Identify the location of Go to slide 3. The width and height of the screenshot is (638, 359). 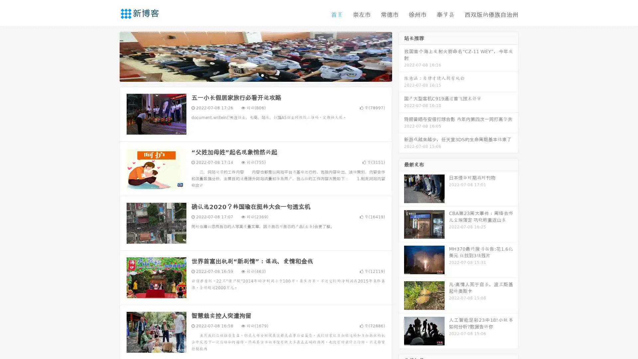
(262, 75).